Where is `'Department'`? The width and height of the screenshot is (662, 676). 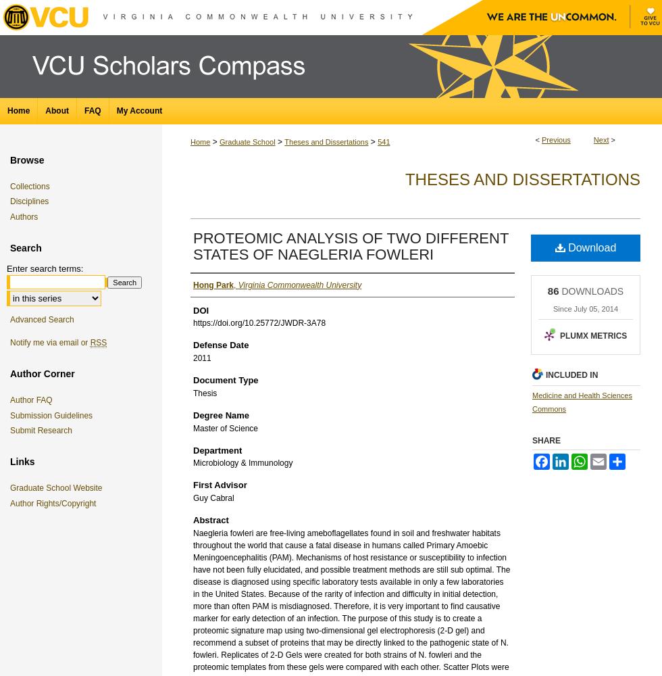 'Department' is located at coordinates (218, 450).